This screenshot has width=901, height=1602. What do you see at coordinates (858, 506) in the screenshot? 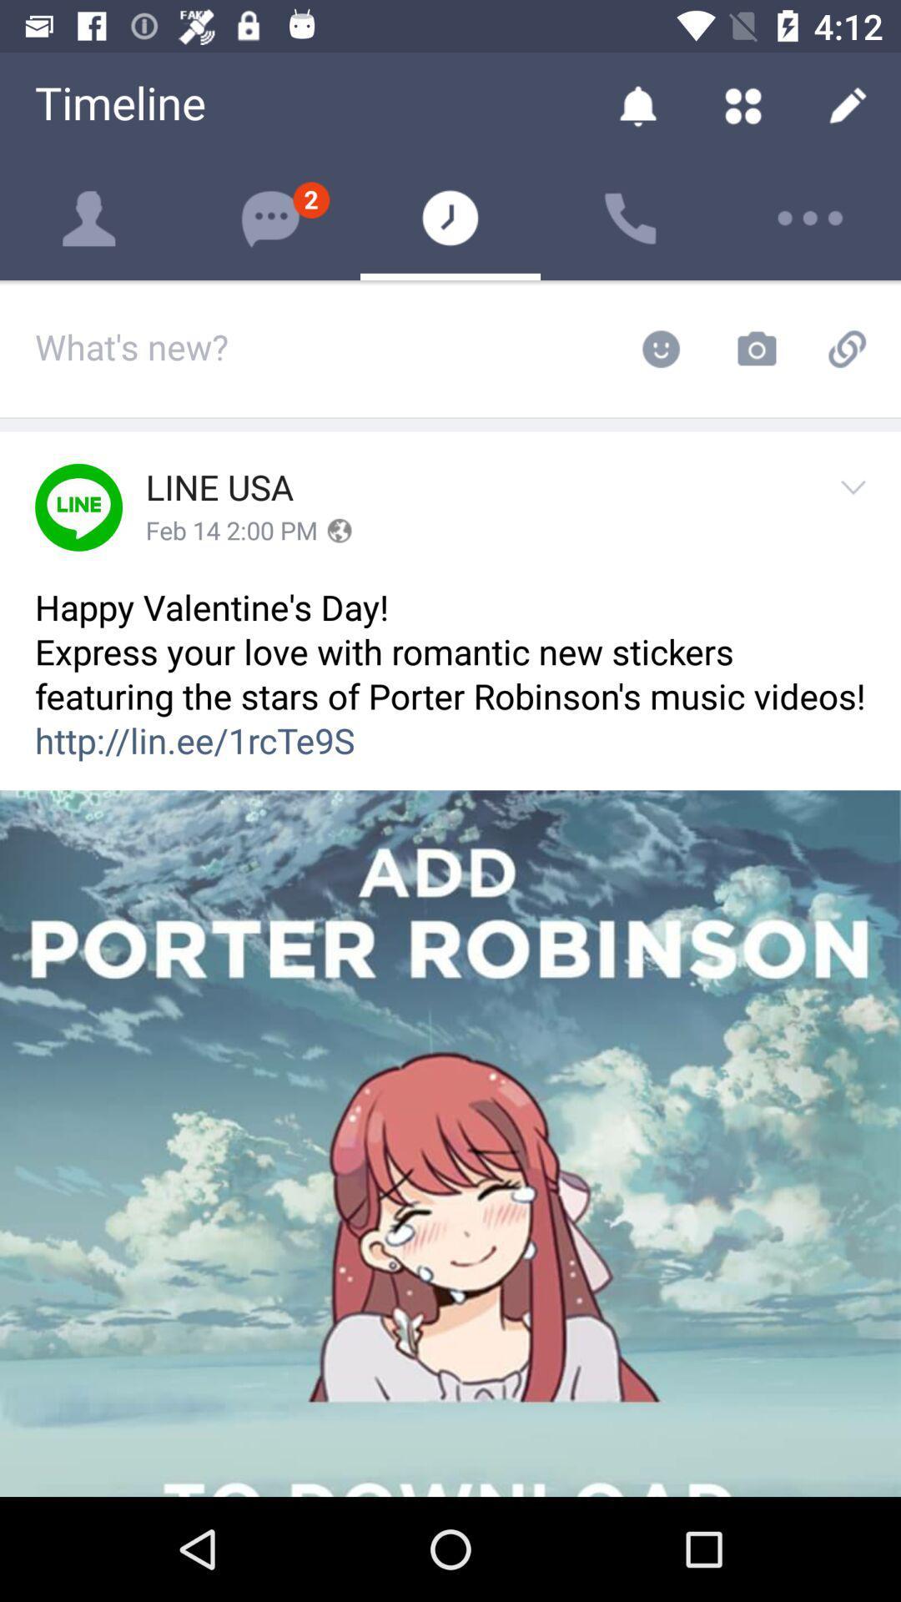
I see `the read more icon at the right side of the page` at bounding box center [858, 506].